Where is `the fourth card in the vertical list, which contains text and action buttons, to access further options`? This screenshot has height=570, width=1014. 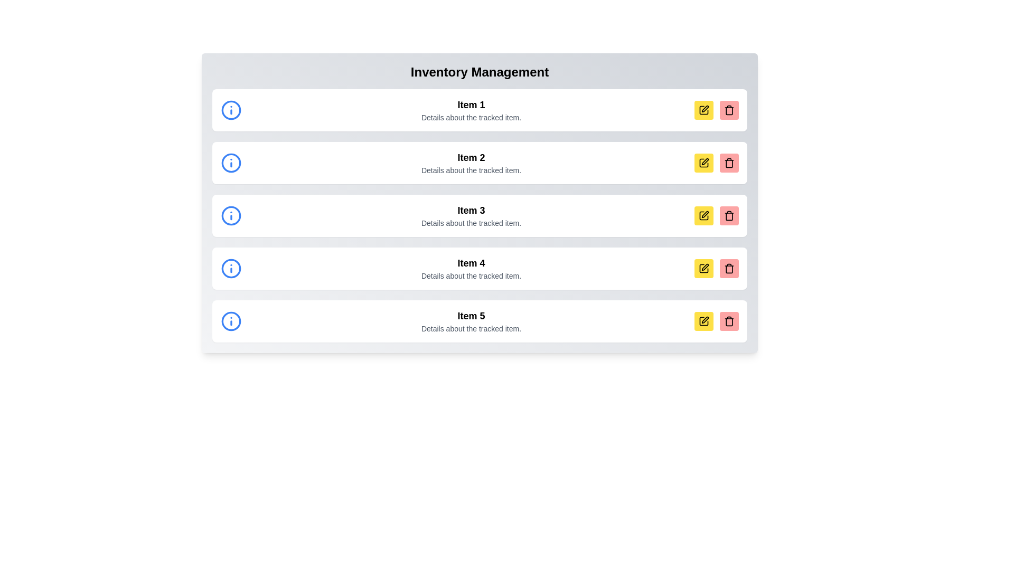
the fourth card in the vertical list, which contains text and action buttons, to access further options is located at coordinates (479, 268).